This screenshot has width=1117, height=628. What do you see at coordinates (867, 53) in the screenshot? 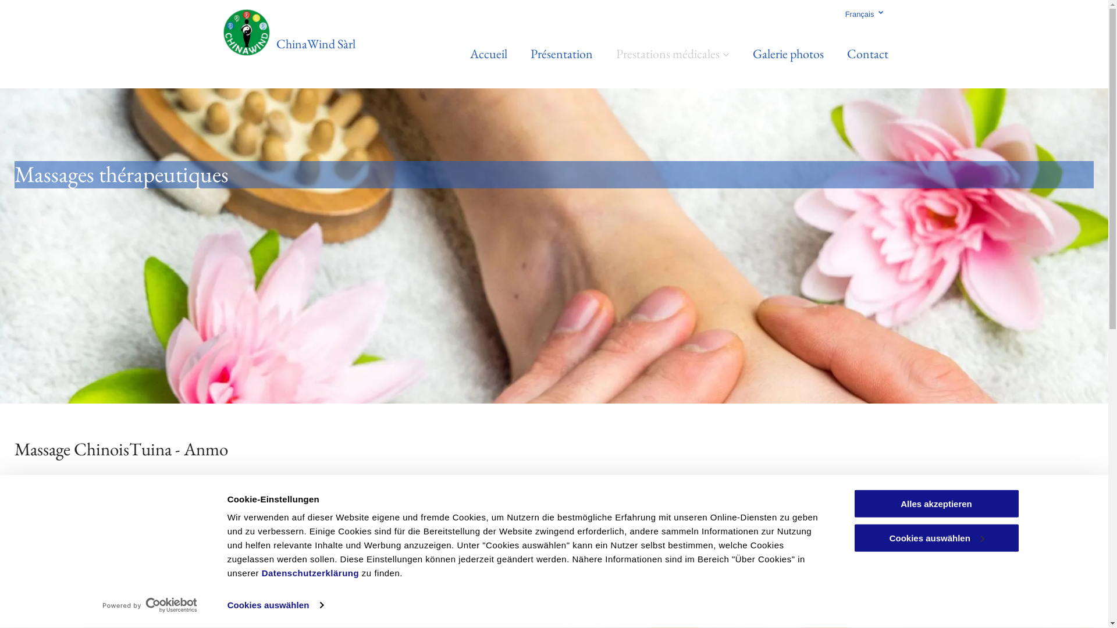
I see `'Contact'` at bounding box center [867, 53].